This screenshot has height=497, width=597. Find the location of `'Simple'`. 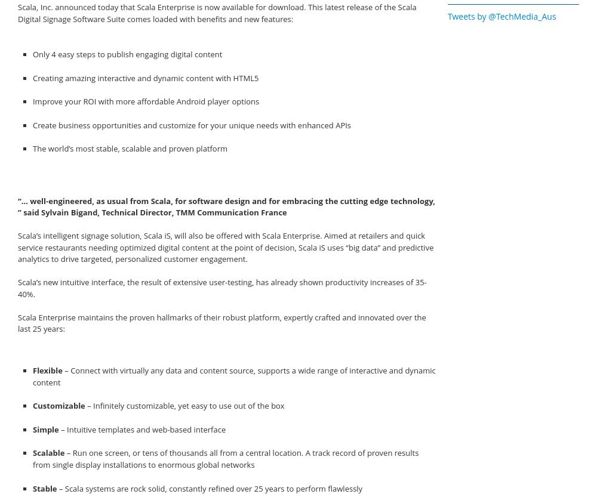

'Simple' is located at coordinates (33, 428).